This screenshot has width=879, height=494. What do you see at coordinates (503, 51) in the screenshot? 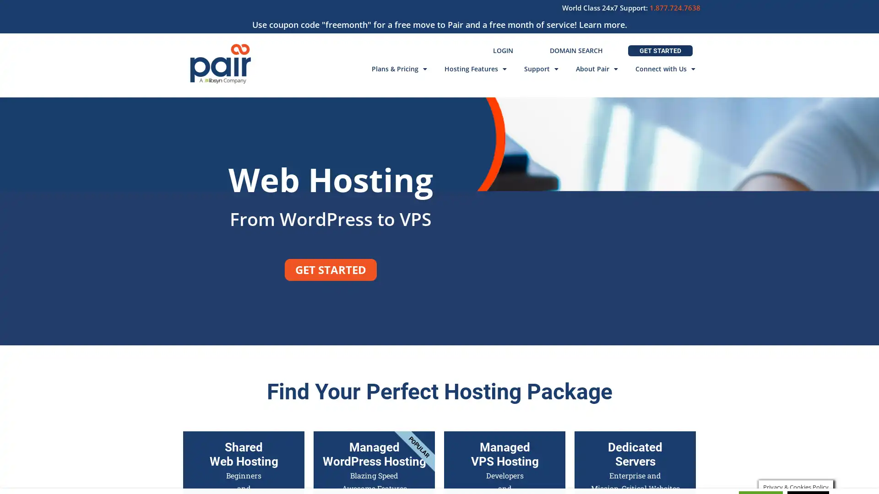
I see `LOGIN` at bounding box center [503, 51].